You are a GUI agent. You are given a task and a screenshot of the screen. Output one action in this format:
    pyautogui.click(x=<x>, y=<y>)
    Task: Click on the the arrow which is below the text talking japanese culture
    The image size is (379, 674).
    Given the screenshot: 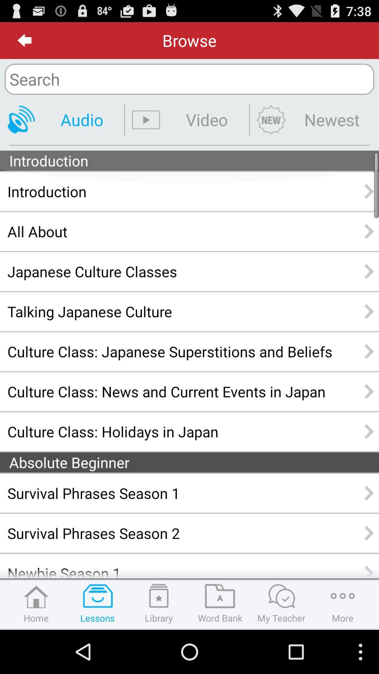 What is the action you would take?
    pyautogui.click(x=369, y=351)
    